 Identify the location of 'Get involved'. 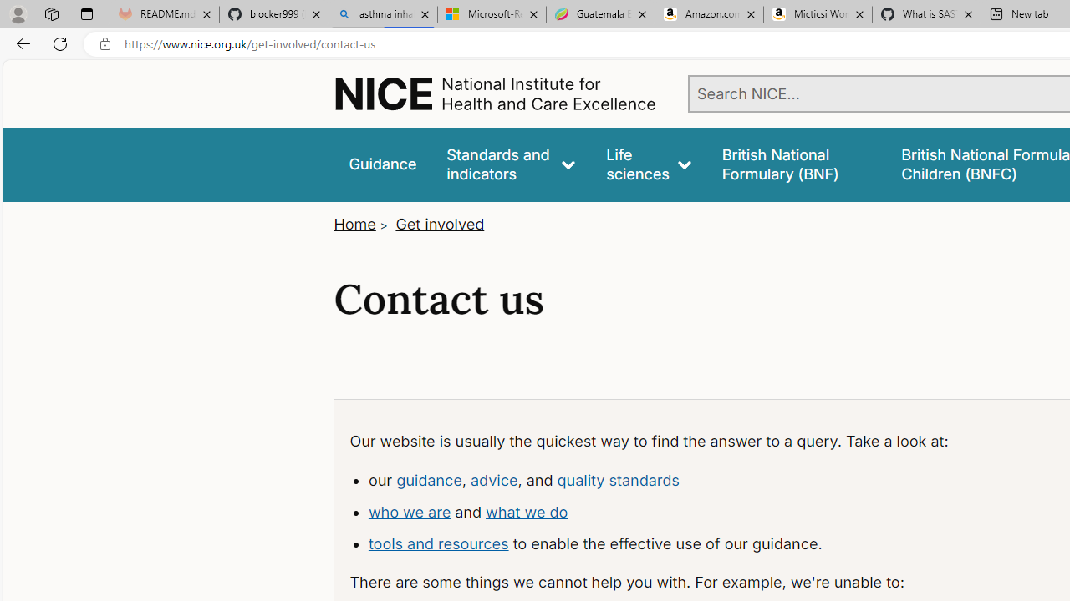
(440, 224).